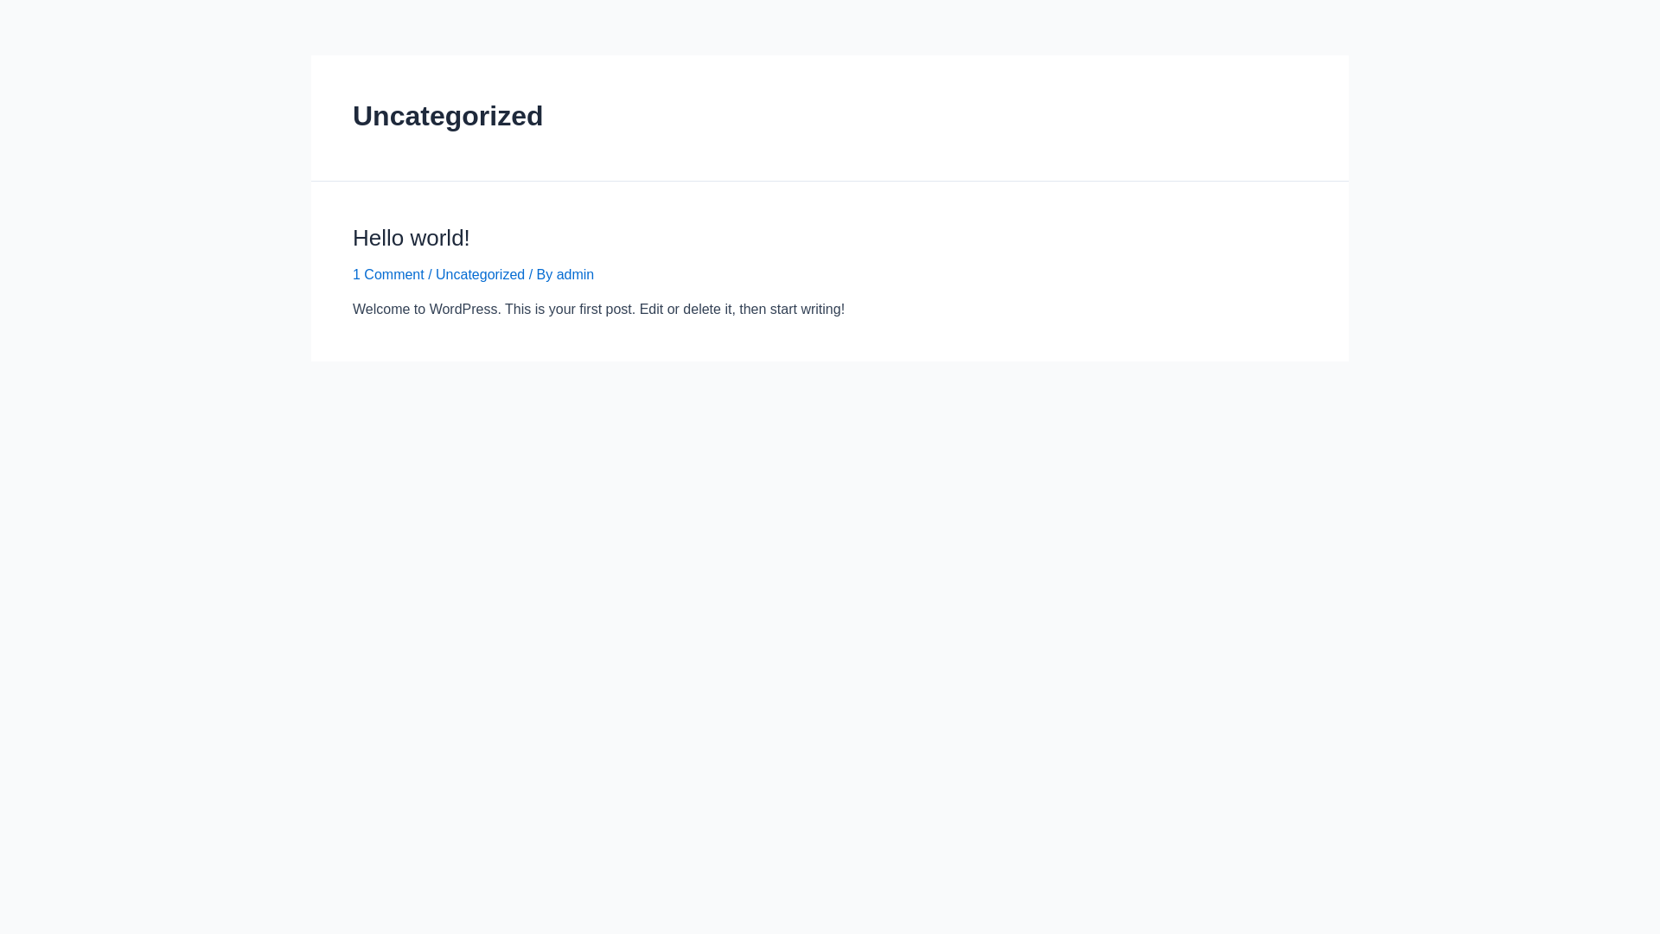 Image resolution: width=1660 pixels, height=934 pixels. What do you see at coordinates (480, 273) in the screenshot?
I see `'Uncategorized'` at bounding box center [480, 273].